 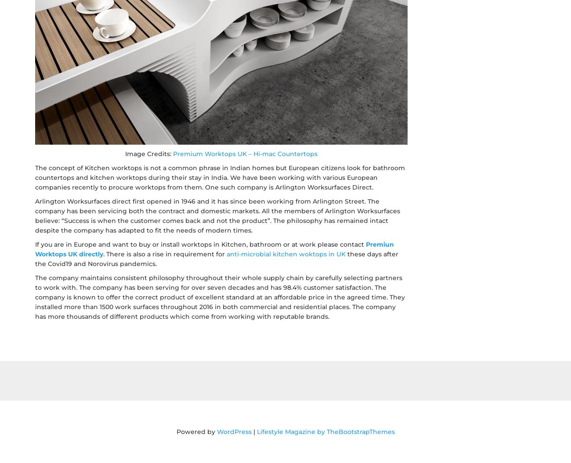 I want to click on 'The company maintains consistent philosophy throughout their whole supply chain by carefully selecting partners to work with. The company has been serving for over seven decades and has 98.4% customer satisfaction. The company is known to offer the correct product of excellent standard at an affordable price in the agreed time. They installed more than 1500 work surfaces throughout 2016 in both commercial and residential places. The company has more thousands of different products which come from working with reputable brands.', so click(x=220, y=296).